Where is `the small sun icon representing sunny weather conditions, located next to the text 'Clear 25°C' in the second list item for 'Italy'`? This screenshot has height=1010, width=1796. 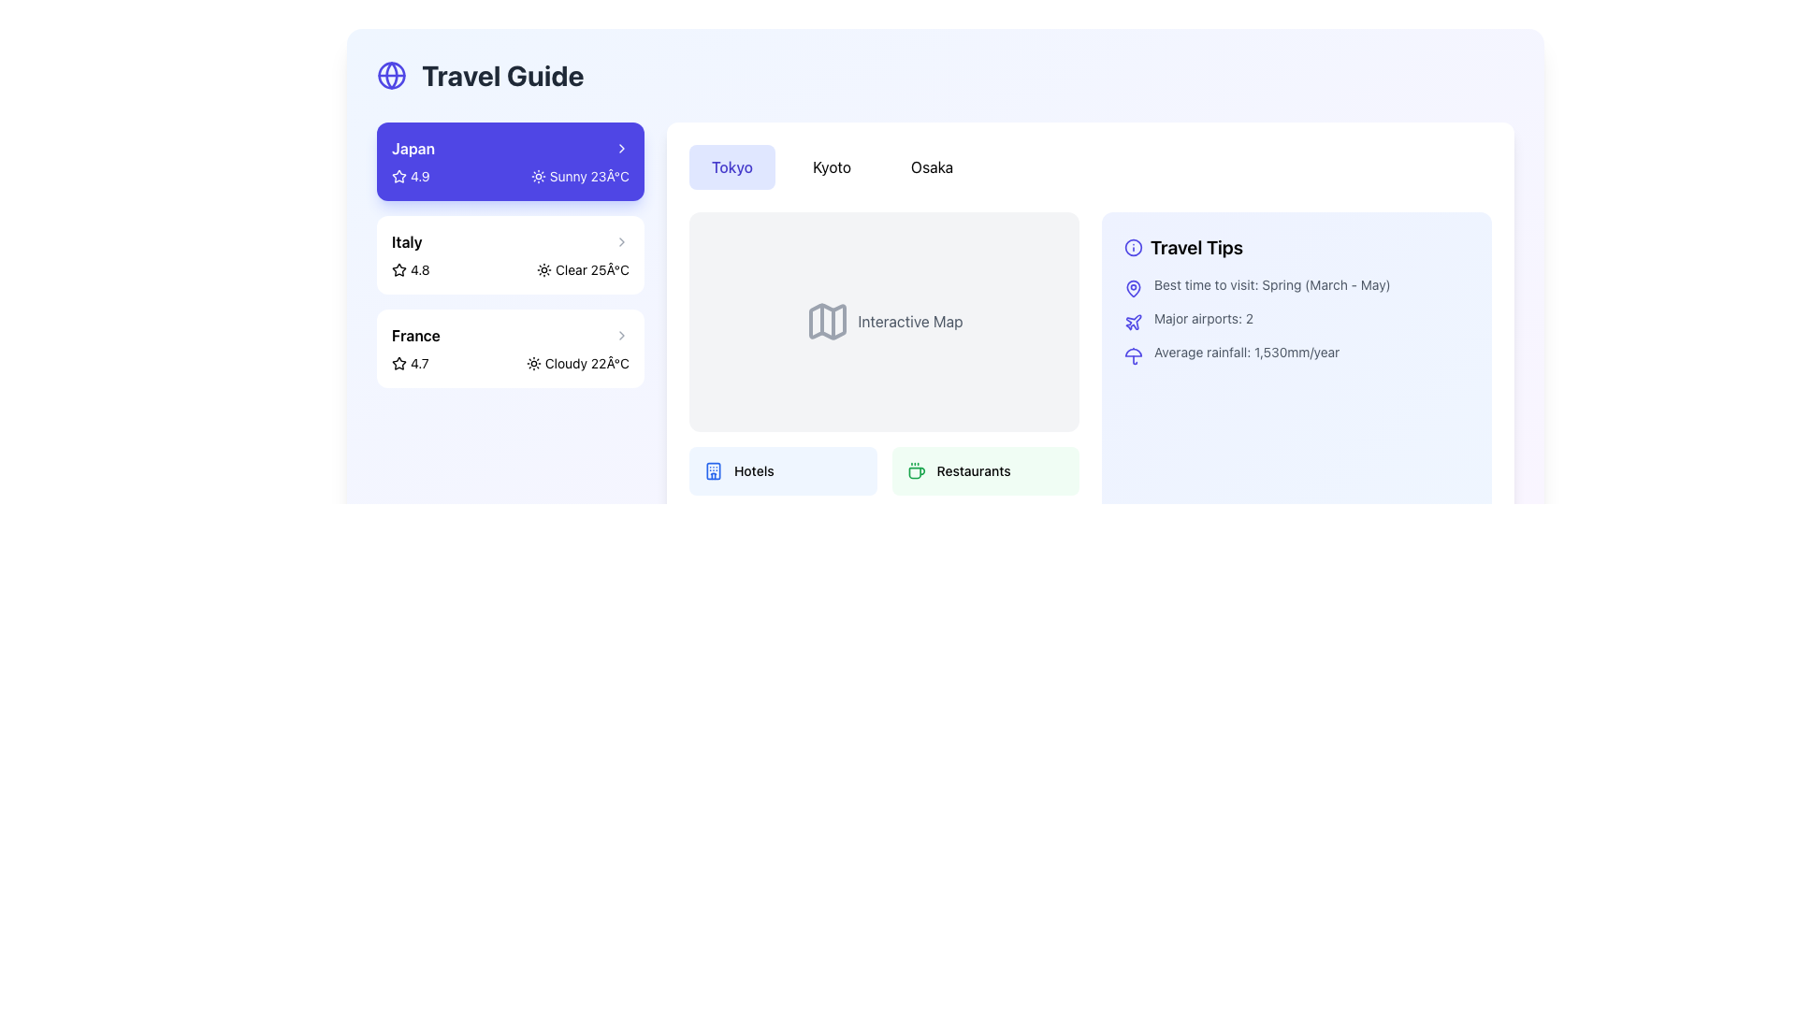
the small sun icon representing sunny weather conditions, located next to the text 'Clear 25°C' in the second list item for 'Italy' is located at coordinates (543, 270).